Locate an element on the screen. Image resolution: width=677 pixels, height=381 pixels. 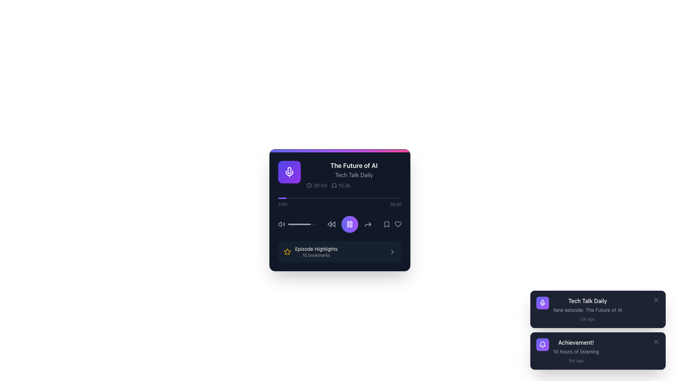
the star-shaped icon outlined in vibrant yellow, which is located to the left of the 'Episode Highlights' text, to invoke a feature is located at coordinates (287, 251).